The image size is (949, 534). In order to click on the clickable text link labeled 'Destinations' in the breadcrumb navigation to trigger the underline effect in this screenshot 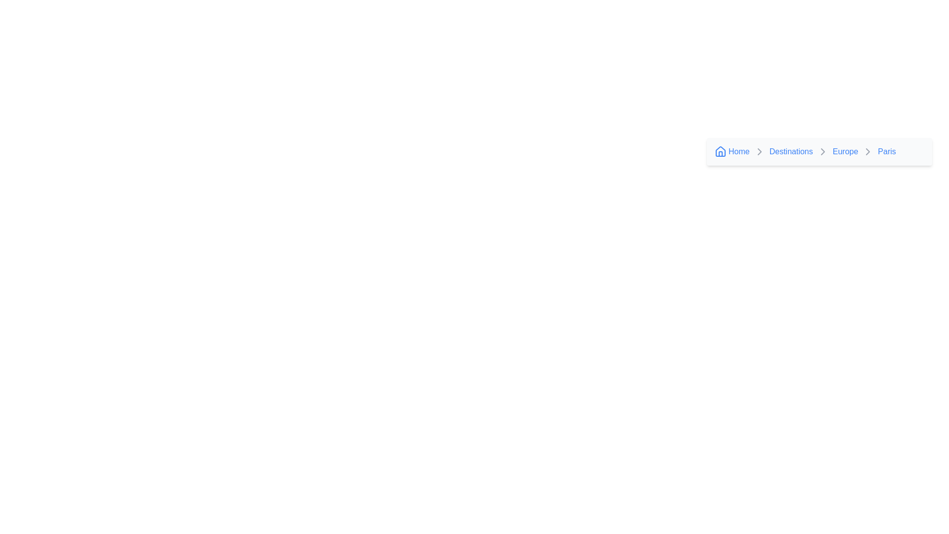, I will do `click(801, 152)`.